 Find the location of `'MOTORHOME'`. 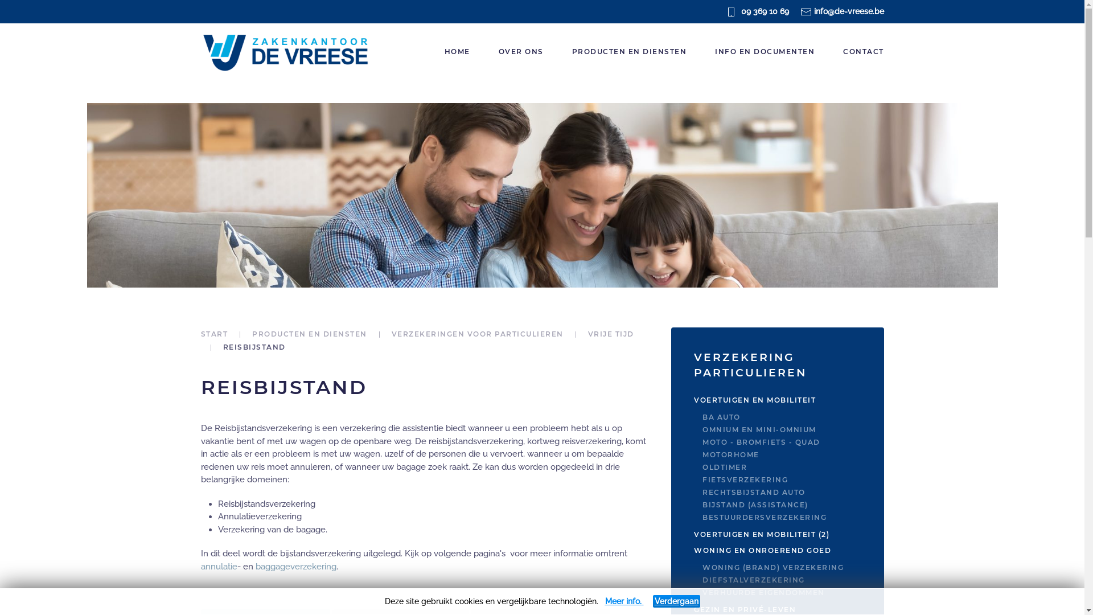

'MOTORHOME' is located at coordinates (792, 454).